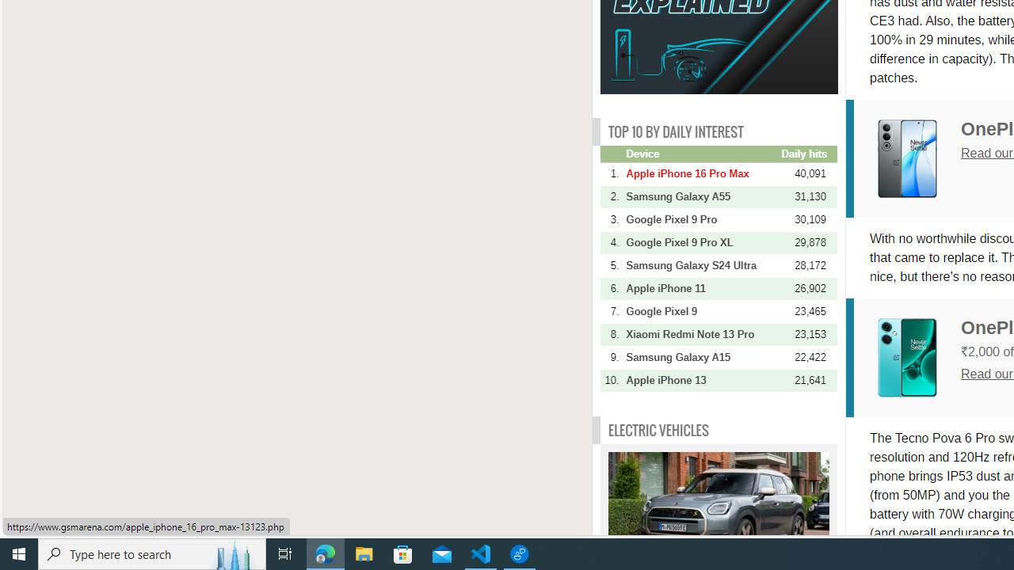 The image size is (1014, 570). Describe the element at coordinates (701, 288) in the screenshot. I see `'Apple iPhone 11'` at that location.